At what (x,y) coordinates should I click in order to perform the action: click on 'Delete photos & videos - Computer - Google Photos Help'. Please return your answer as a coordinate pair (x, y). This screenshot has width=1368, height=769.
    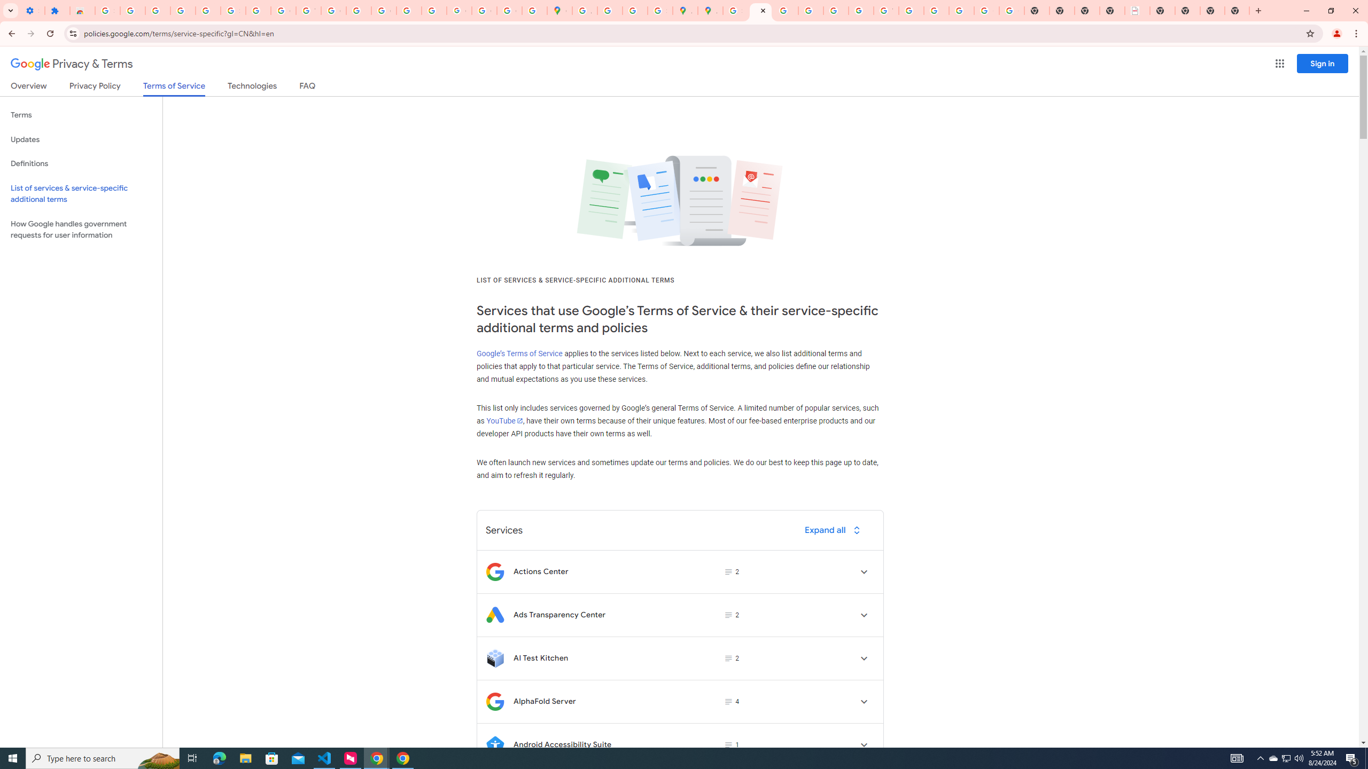
    Looking at the image, I should click on (157, 10).